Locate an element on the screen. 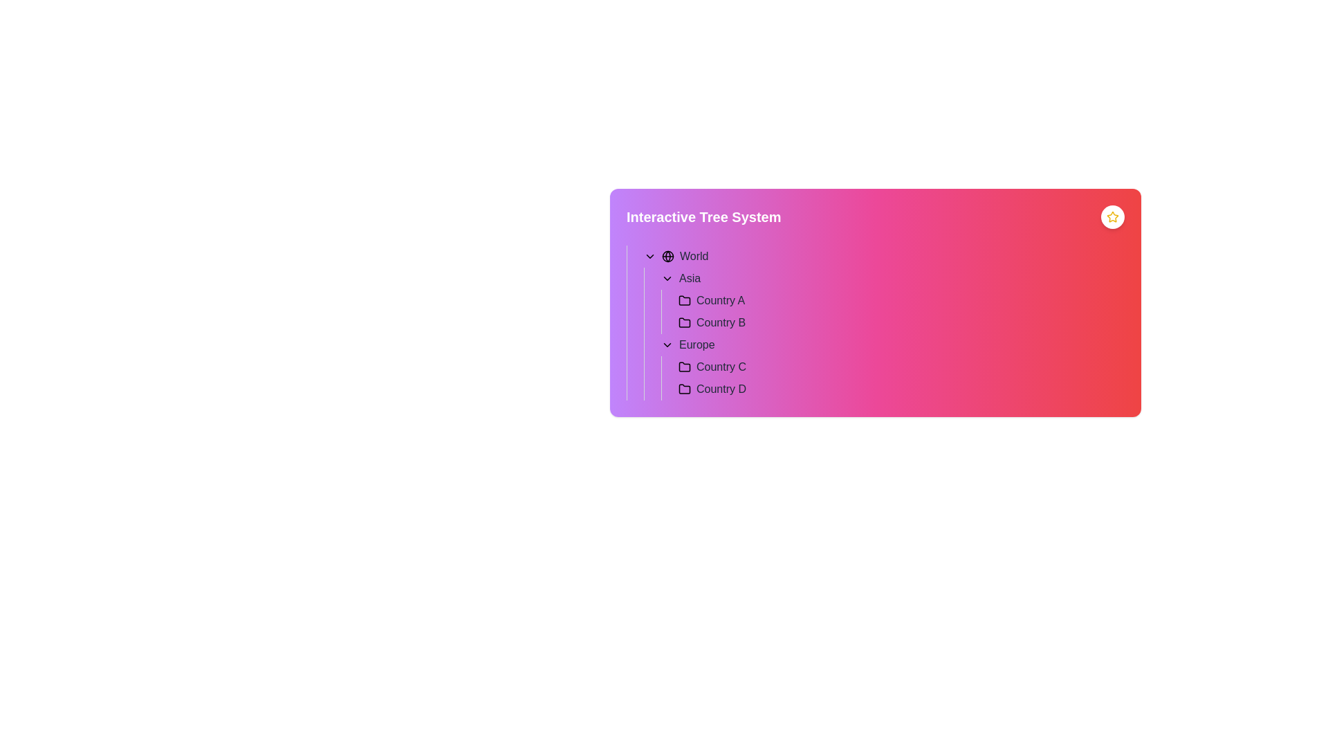  the 'Europe' label in the hierarchical list is located at coordinates (697, 344).